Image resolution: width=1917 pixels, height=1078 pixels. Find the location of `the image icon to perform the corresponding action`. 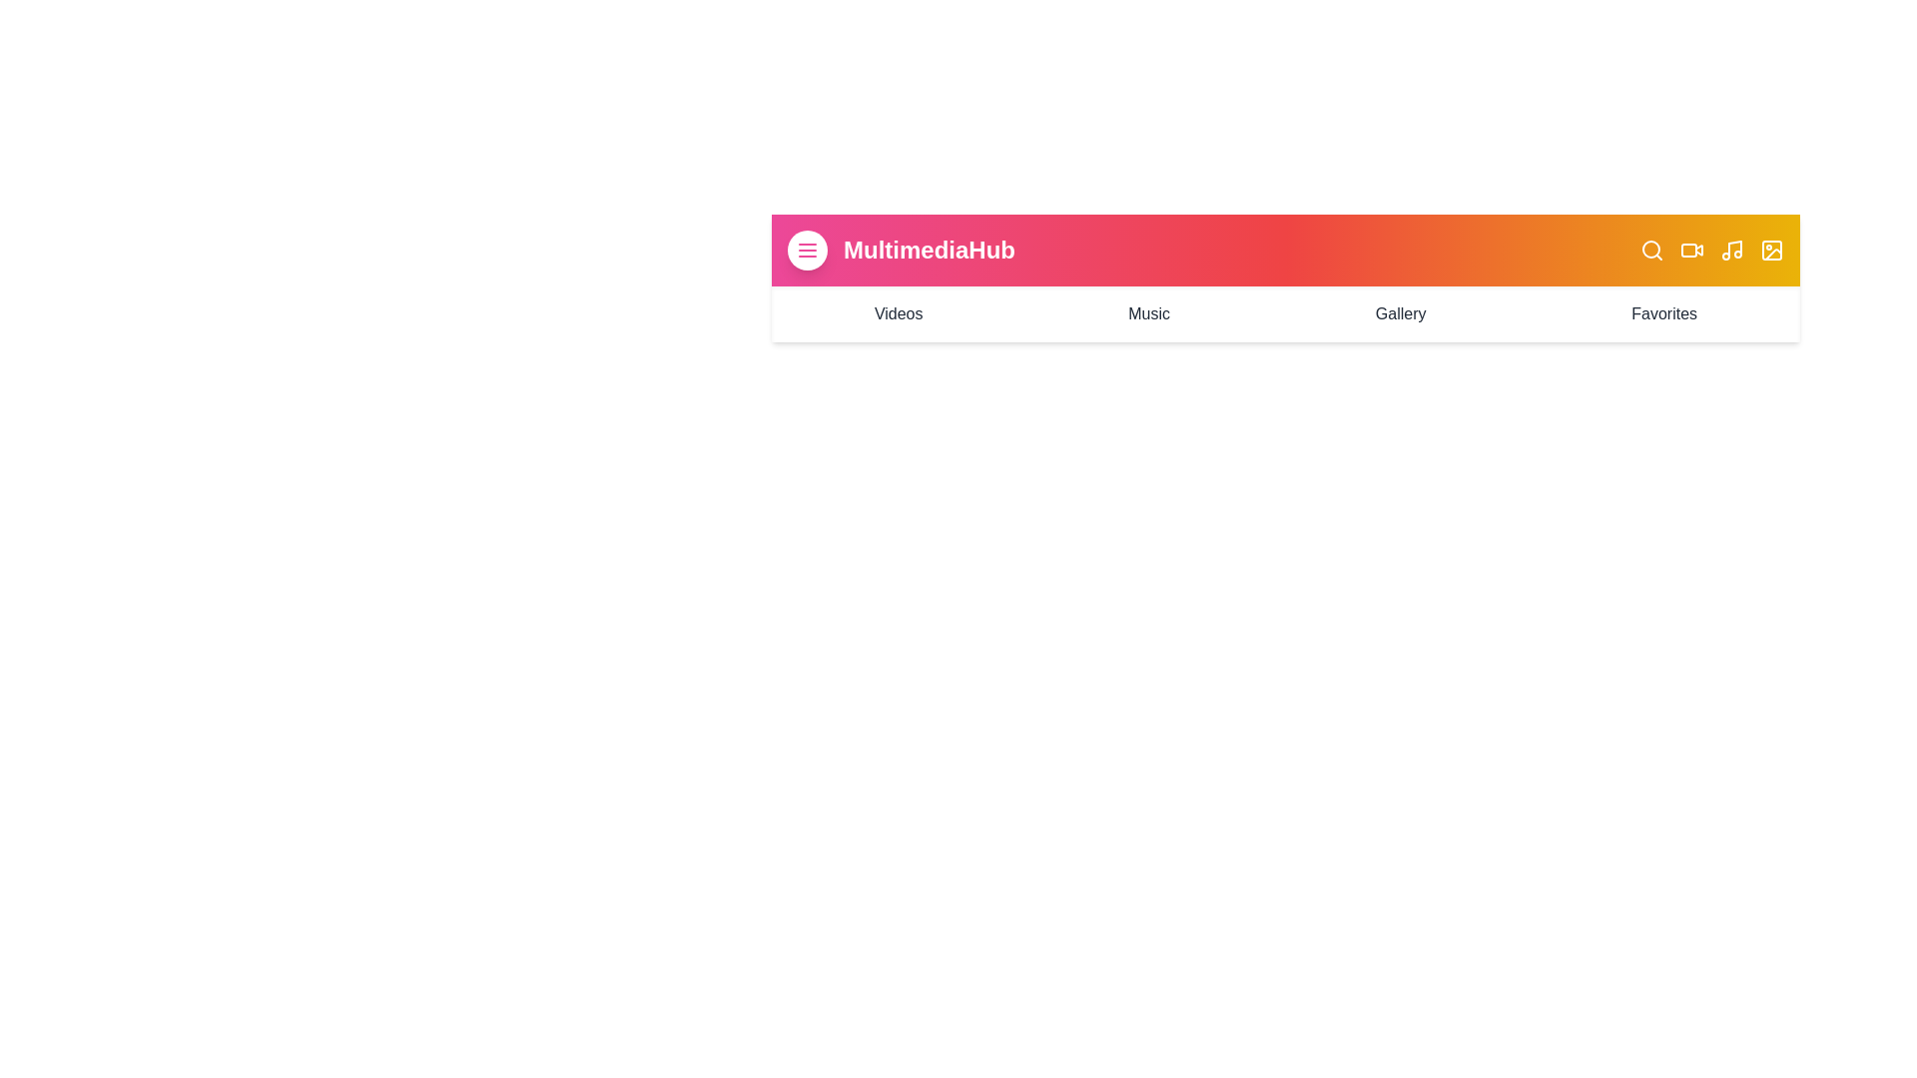

the image icon to perform the corresponding action is located at coordinates (1772, 249).